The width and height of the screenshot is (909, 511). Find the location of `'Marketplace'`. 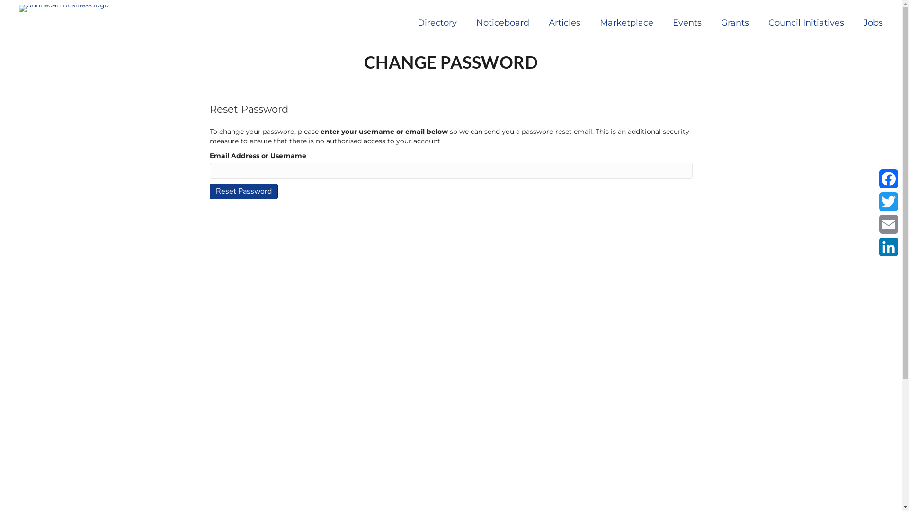

'Marketplace' is located at coordinates (626, 22).